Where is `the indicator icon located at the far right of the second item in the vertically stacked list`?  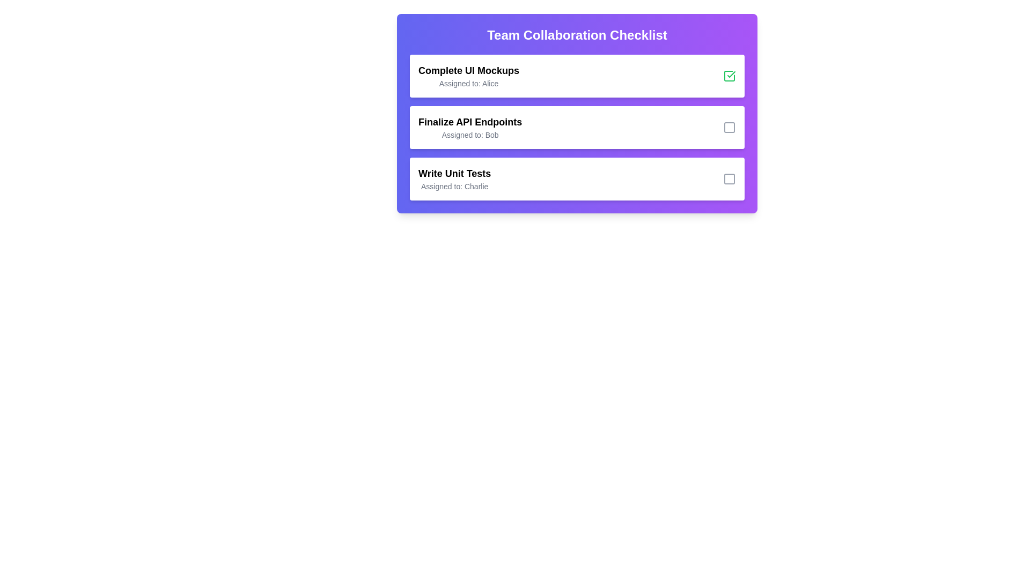 the indicator icon located at the far right of the second item in the vertically stacked list is located at coordinates (729, 127).